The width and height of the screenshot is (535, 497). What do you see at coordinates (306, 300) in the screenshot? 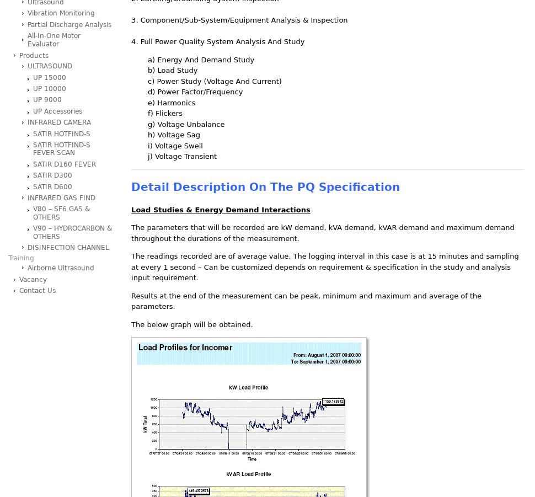
I see `'Results at the end of the measurement can be peak, minimum and maximum and average of the parameters.'` at bounding box center [306, 300].